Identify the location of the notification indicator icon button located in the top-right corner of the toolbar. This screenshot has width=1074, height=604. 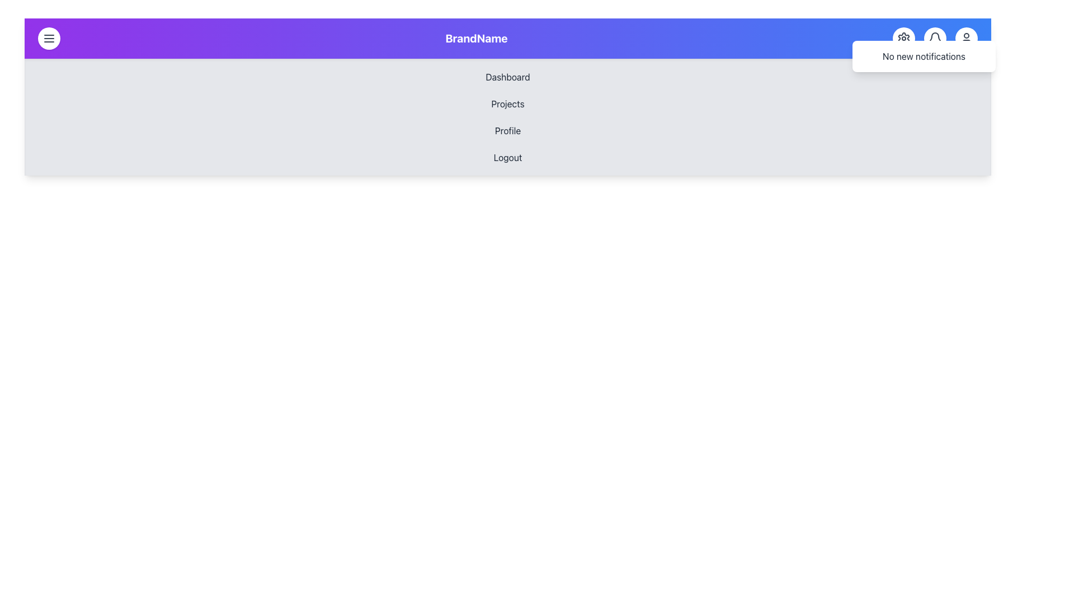
(935, 38).